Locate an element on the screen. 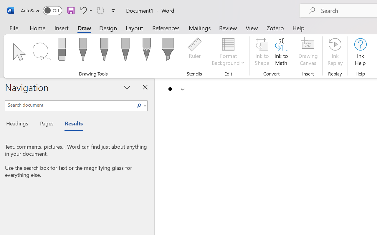  'Pen: Black, 0.5 mm' is located at coordinates (82, 51).